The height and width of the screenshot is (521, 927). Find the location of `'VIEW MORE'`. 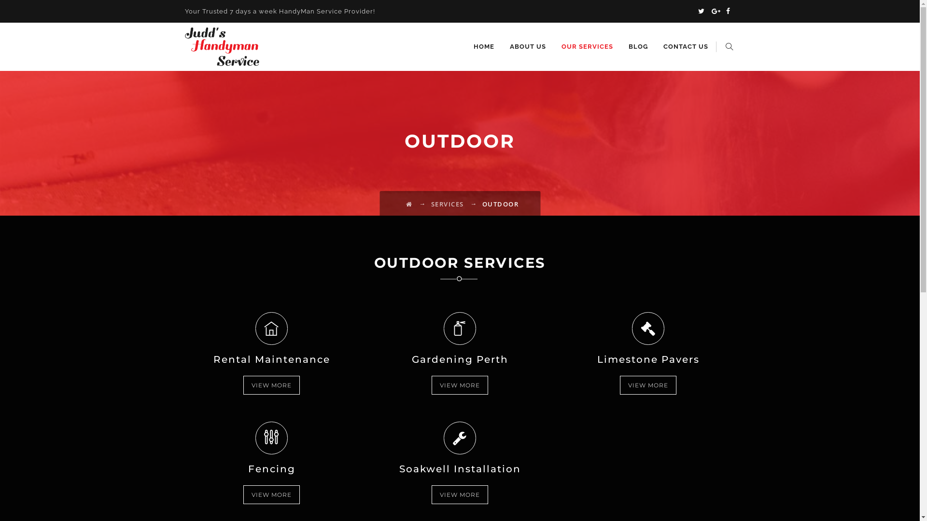

'VIEW MORE' is located at coordinates (243, 384).